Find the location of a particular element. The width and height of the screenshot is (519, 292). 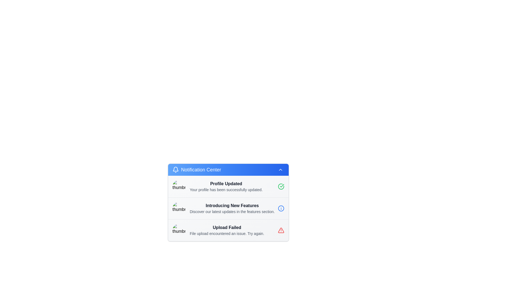

the Static information card containing the message 'Introducing New Features' and the subtitle 'Discover our latest updates in the features section', which is the second message card in the Notification Center is located at coordinates (228, 208).